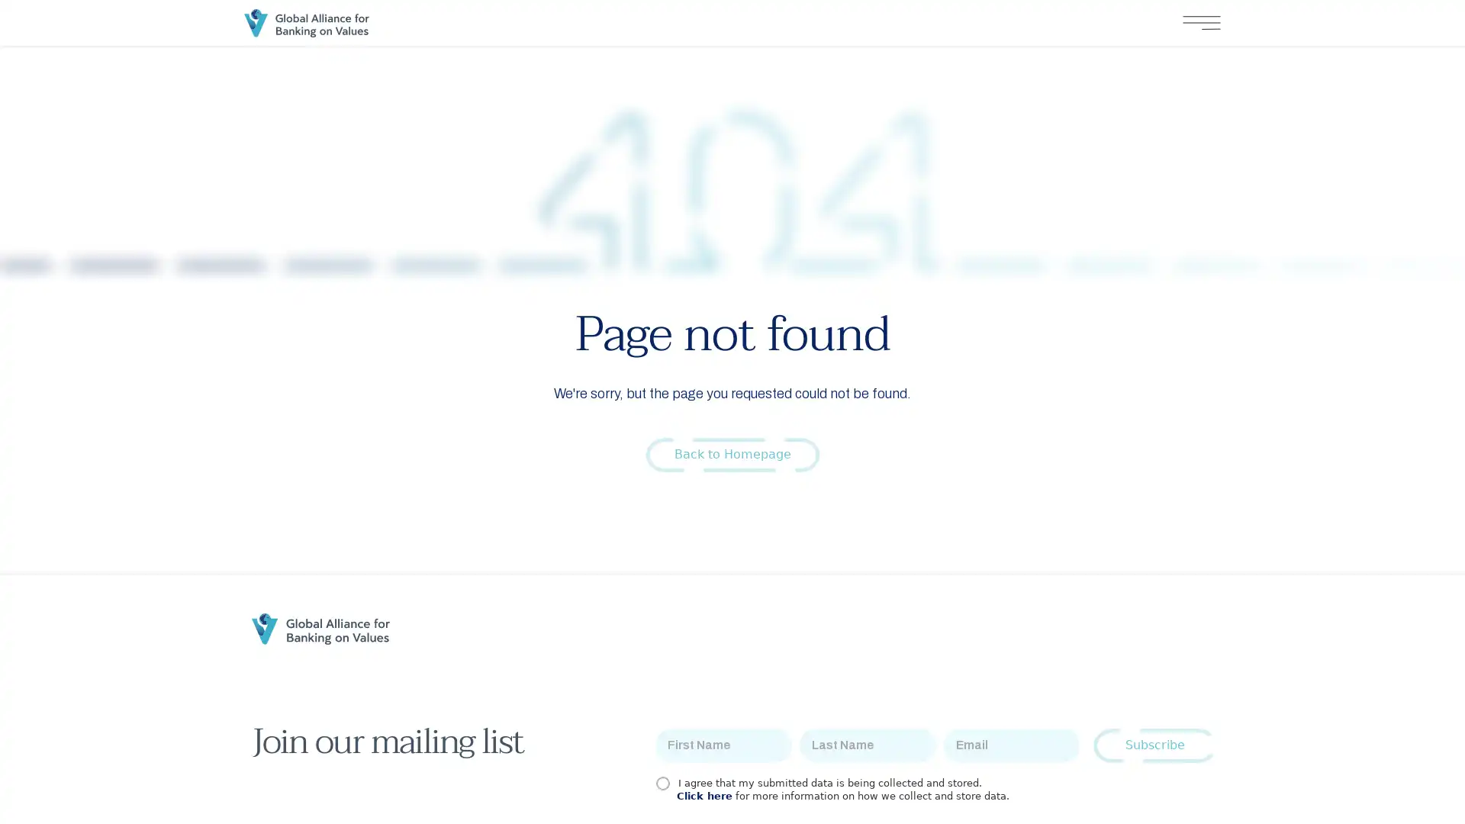  I want to click on Subscribe, so click(1154, 745).